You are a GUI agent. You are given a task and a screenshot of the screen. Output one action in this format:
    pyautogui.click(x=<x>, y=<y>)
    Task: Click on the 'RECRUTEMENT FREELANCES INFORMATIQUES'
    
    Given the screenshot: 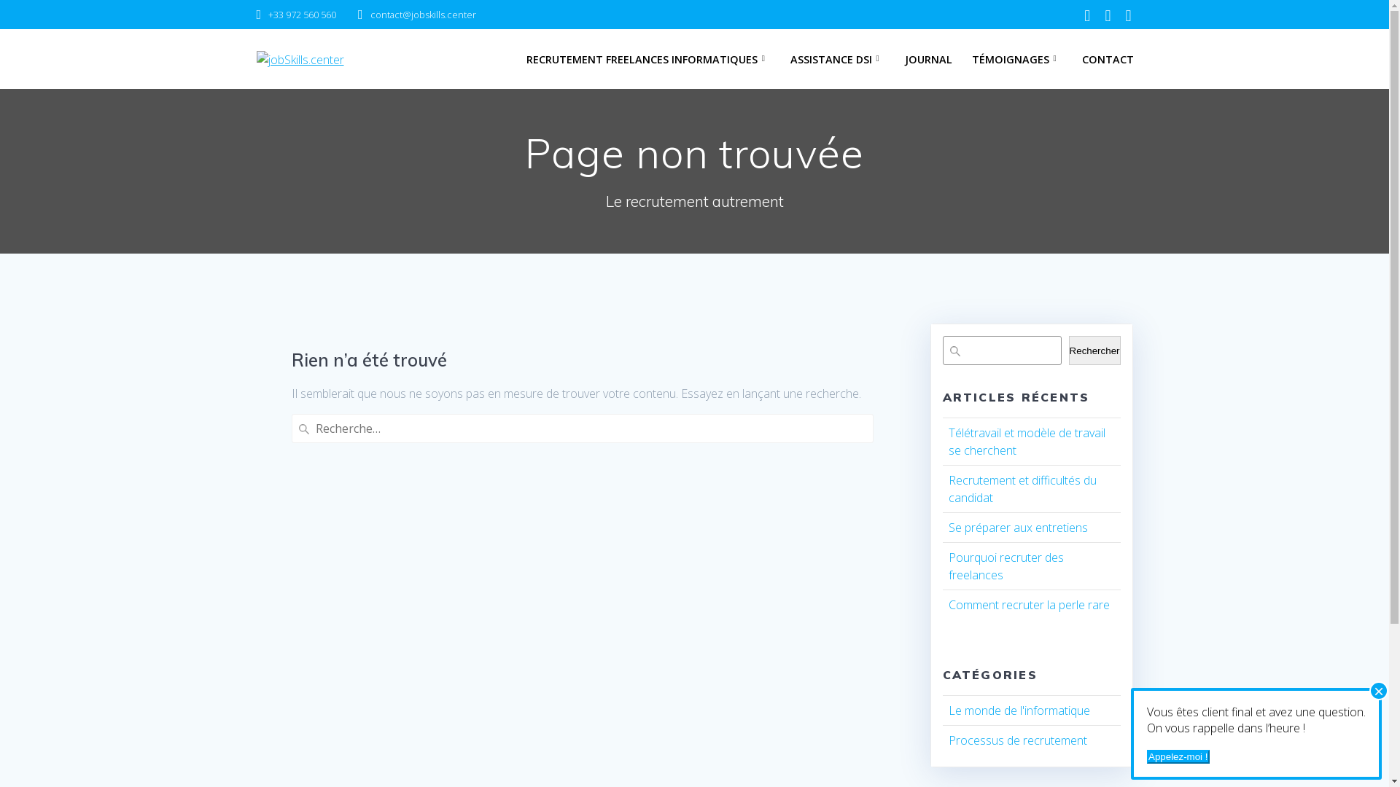 What is the action you would take?
    pyautogui.click(x=647, y=58)
    